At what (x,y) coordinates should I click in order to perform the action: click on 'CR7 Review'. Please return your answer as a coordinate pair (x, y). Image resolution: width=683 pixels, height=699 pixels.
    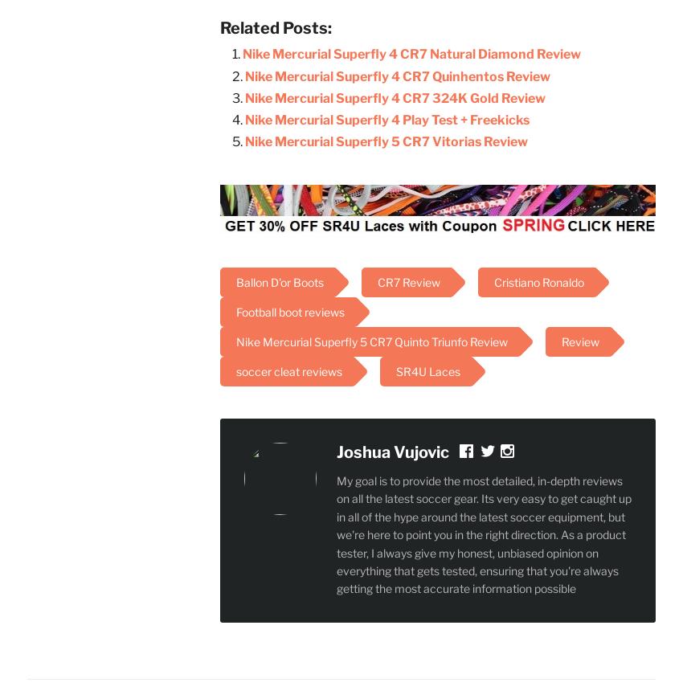
    Looking at the image, I should click on (377, 282).